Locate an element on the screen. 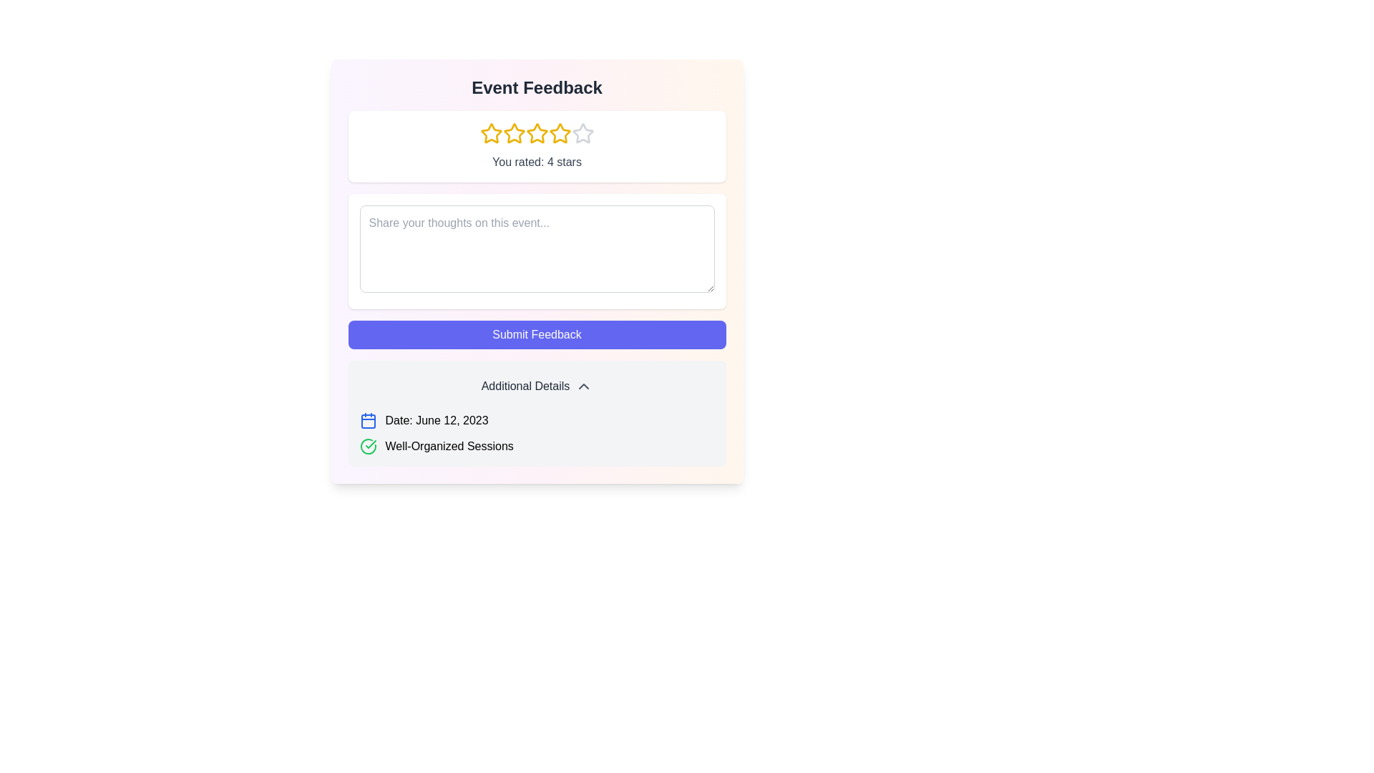 Image resolution: width=1374 pixels, height=773 pixels. the first star icon in the 5-star rating system to rate the event one star is located at coordinates (491, 133).